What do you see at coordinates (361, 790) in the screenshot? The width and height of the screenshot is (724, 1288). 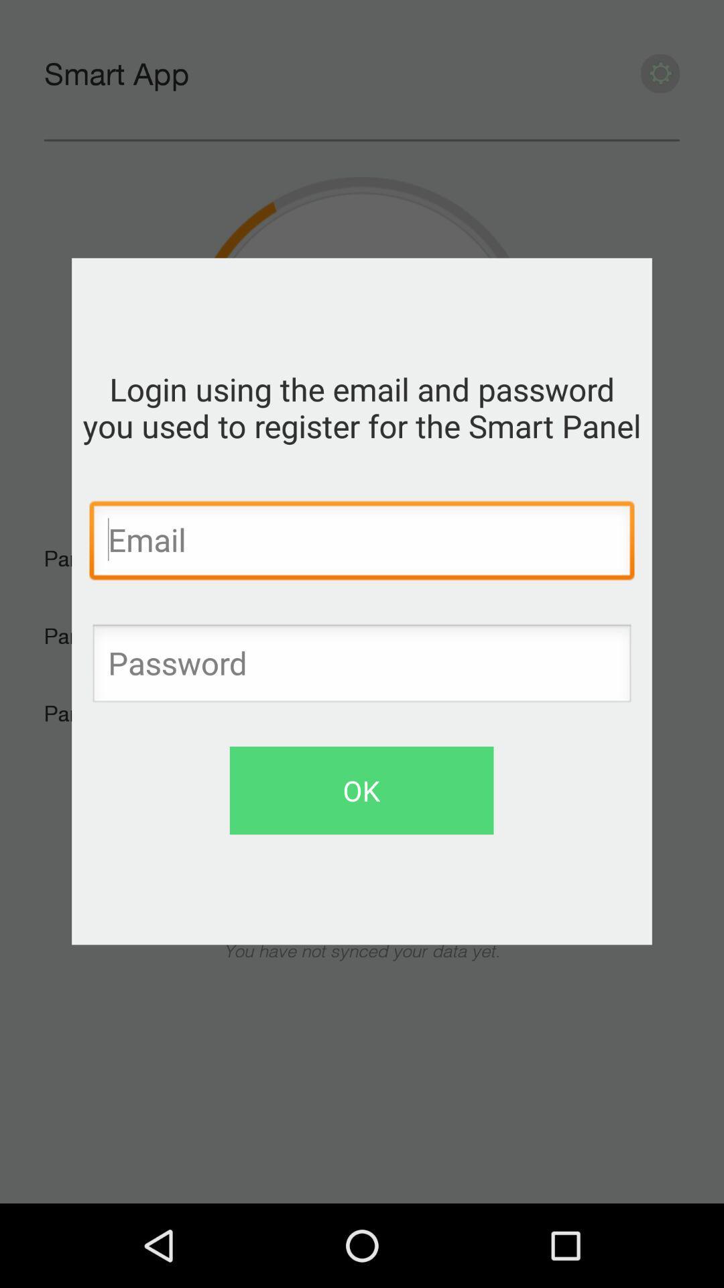 I see `the ok button` at bounding box center [361, 790].